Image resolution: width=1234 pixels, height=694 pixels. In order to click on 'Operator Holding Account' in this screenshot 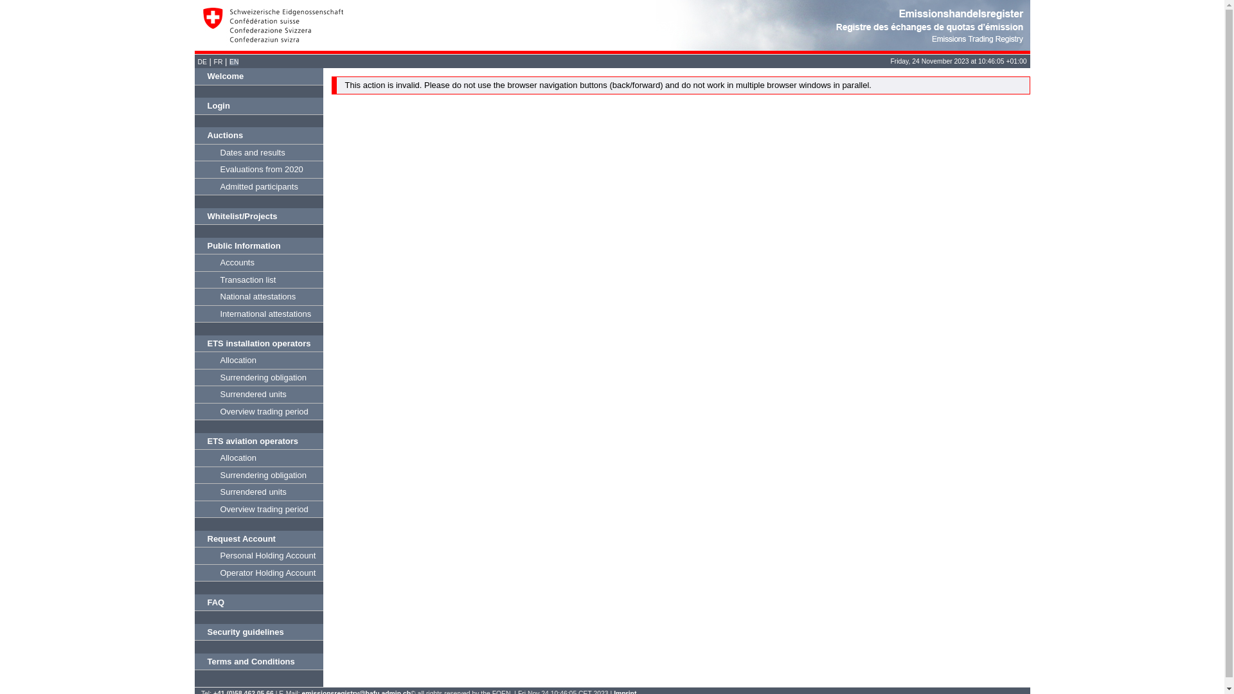, I will do `click(258, 572)`.